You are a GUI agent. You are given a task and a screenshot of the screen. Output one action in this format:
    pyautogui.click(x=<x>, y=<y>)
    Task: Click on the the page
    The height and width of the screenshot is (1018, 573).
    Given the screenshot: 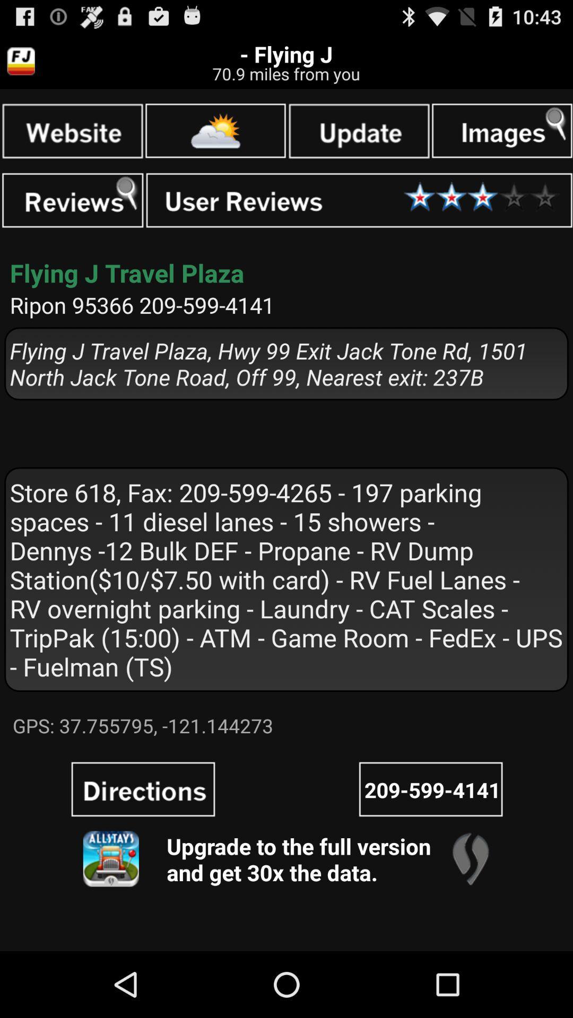 What is the action you would take?
    pyautogui.click(x=358, y=130)
    